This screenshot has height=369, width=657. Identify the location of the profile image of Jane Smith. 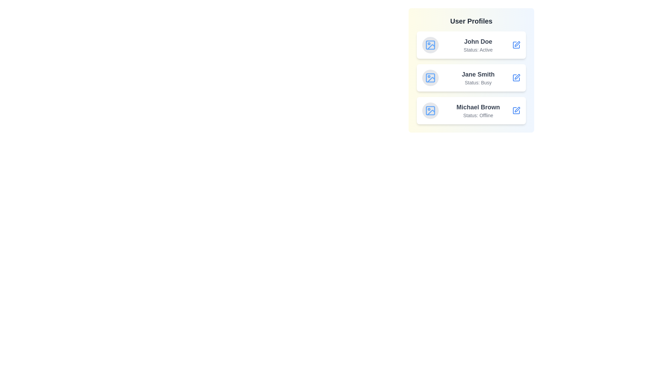
(430, 77).